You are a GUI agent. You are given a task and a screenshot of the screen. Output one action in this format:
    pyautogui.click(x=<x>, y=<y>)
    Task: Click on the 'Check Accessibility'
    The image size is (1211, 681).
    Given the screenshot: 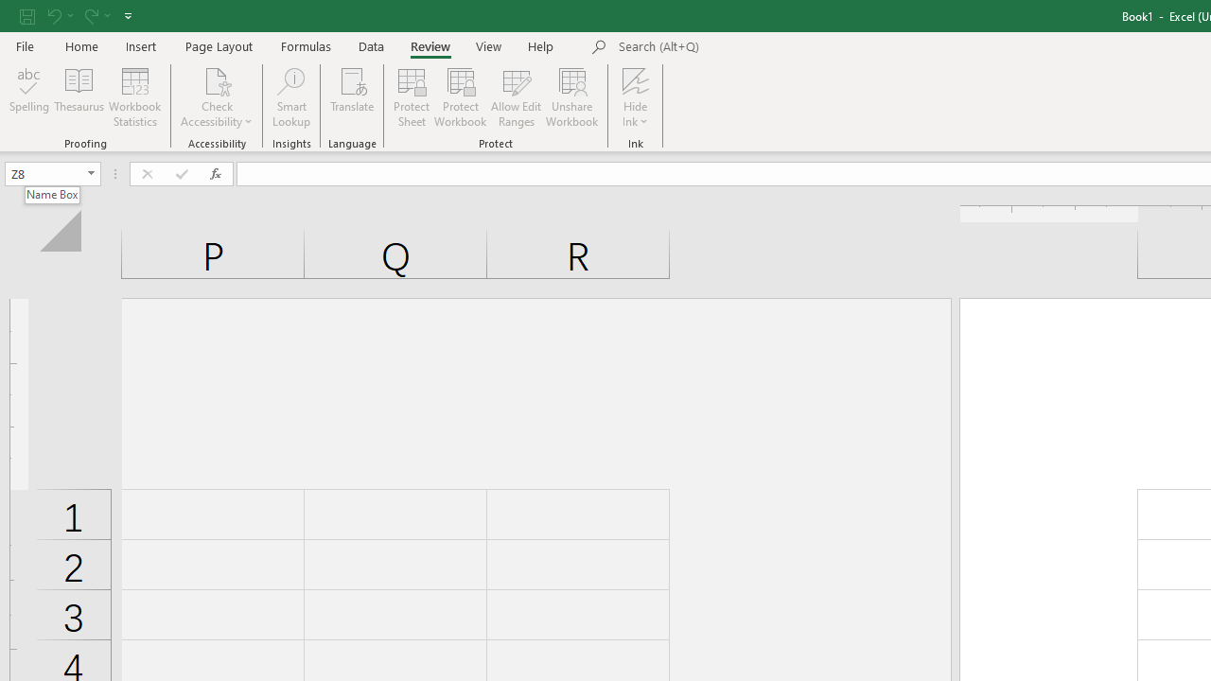 What is the action you would take?
    pyautogui.click(x=217, y=97)
    